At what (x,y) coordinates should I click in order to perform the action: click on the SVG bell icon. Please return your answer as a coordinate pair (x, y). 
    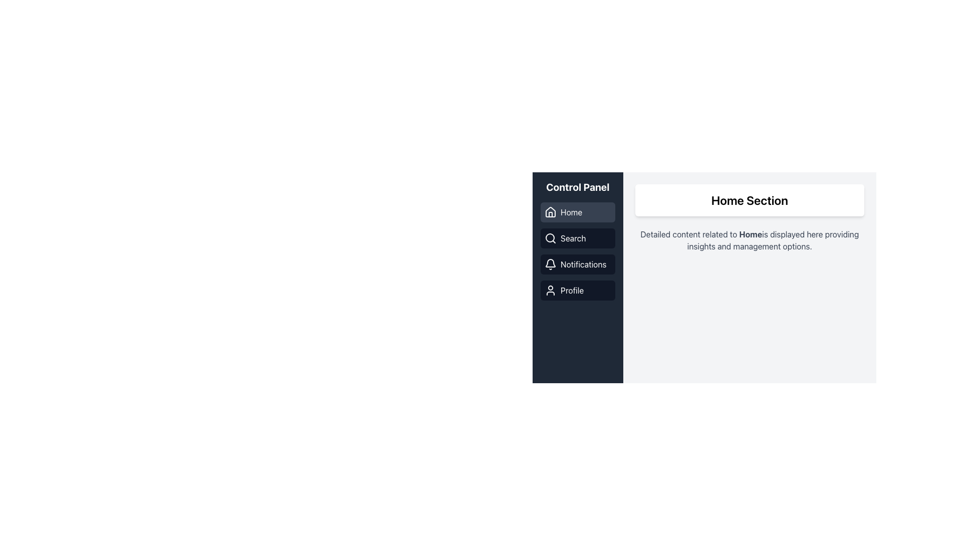
    Looking at the image, I should click on (550, 262).